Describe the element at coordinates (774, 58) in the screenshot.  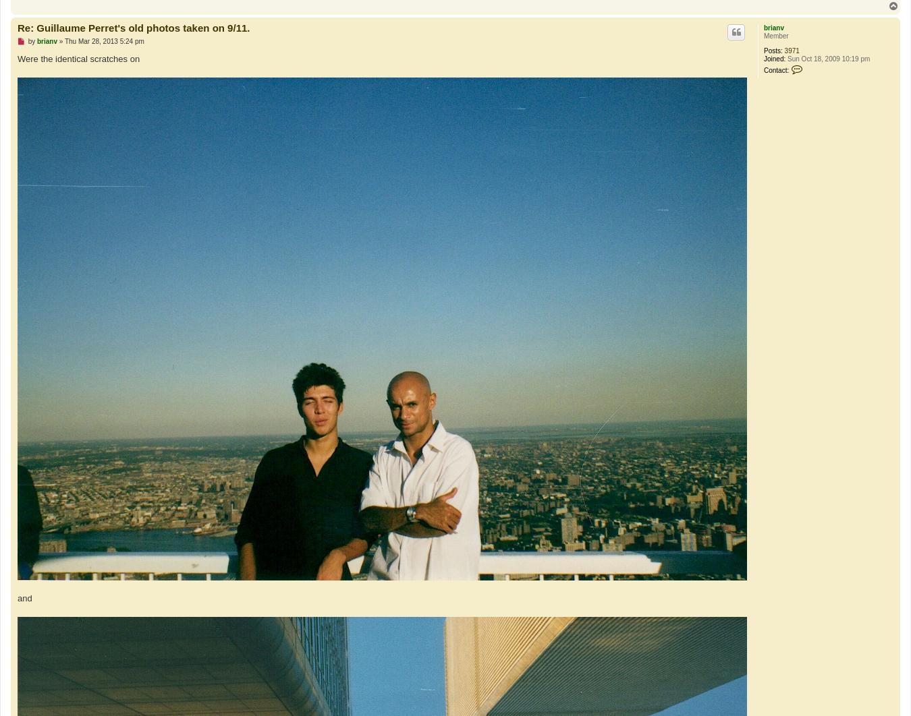
I see `'Joined:'` at that location.